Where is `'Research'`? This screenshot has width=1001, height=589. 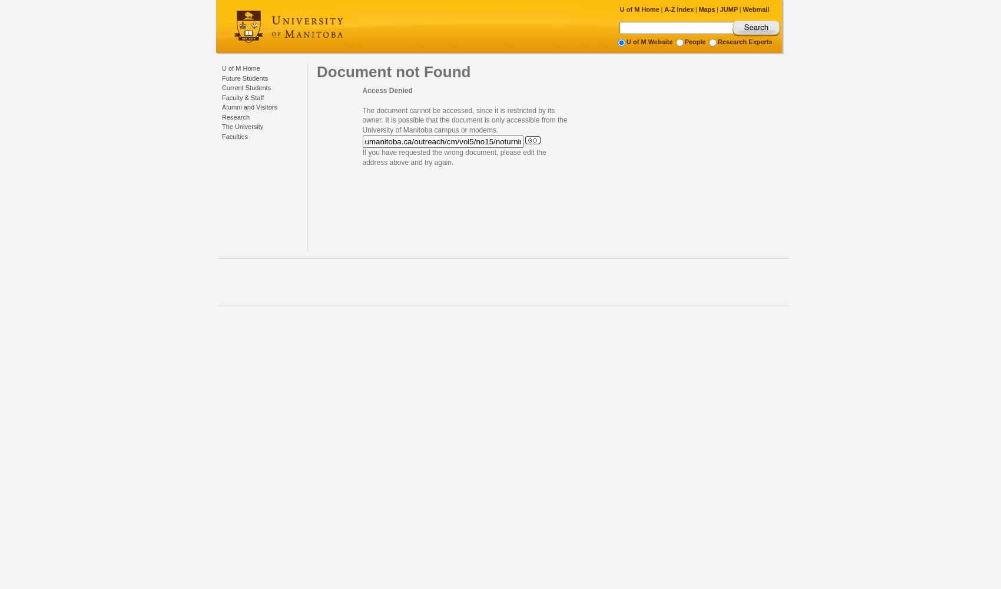
'Research' is located at coordinates (235, 116).